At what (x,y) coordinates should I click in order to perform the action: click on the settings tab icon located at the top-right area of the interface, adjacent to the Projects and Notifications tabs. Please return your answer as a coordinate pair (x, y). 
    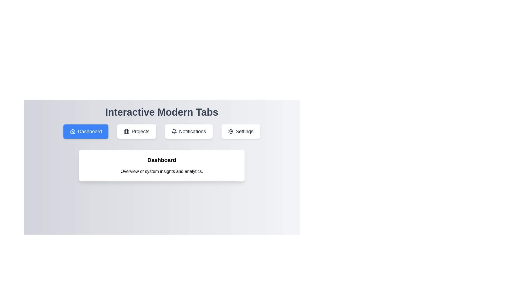
    Looking at the image, I should click on (231, 131).